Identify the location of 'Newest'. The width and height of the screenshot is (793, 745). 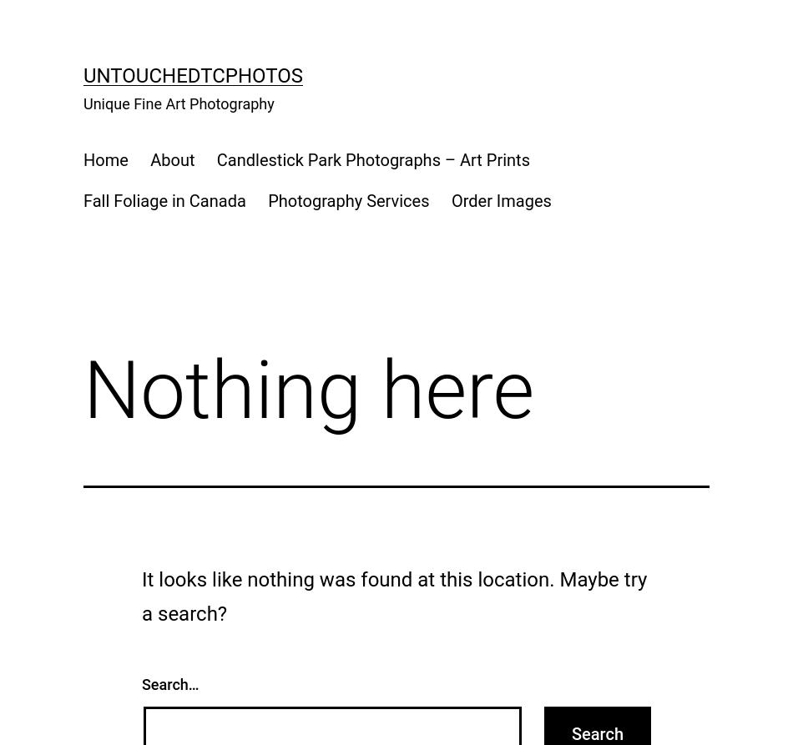
(150, 118).